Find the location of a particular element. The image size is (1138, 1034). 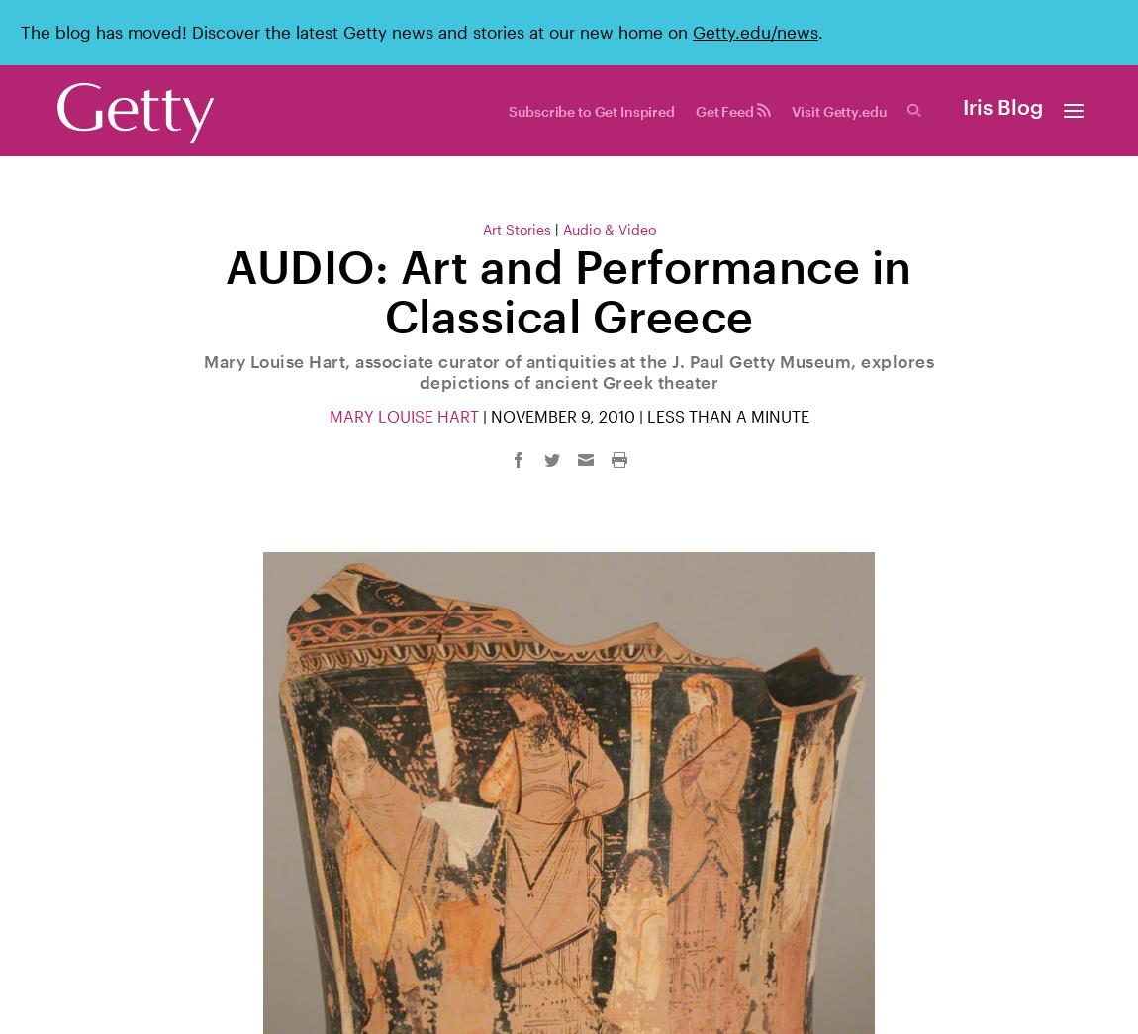

'.' is located at coordinates (819, 31).